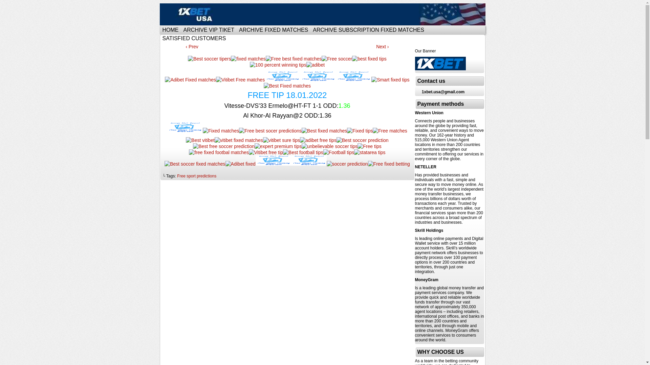 Image resolution: width=650 pixels, height=365 pixels. Describe the element at coordinates (170, 29) in the screenshot. I see `'HOME'` at that location.